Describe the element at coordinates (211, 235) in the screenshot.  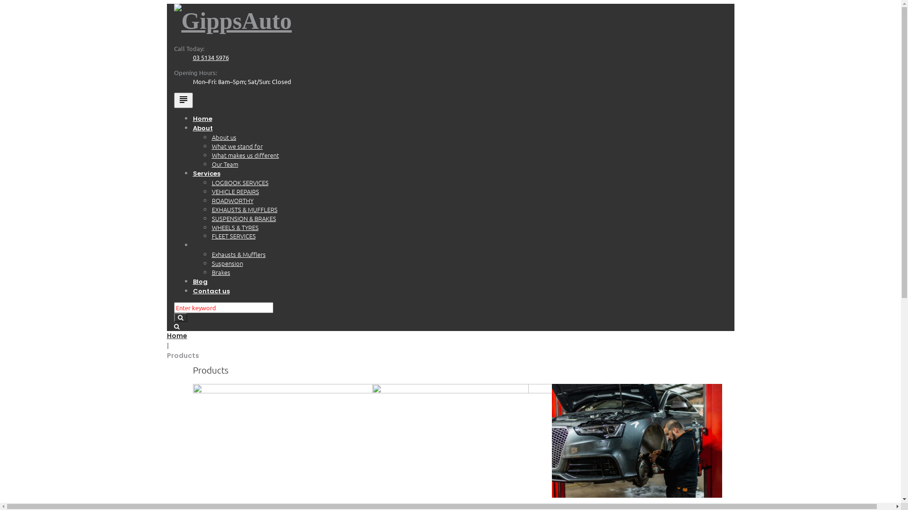
I see `'FLEET SERVICES'` at that location.